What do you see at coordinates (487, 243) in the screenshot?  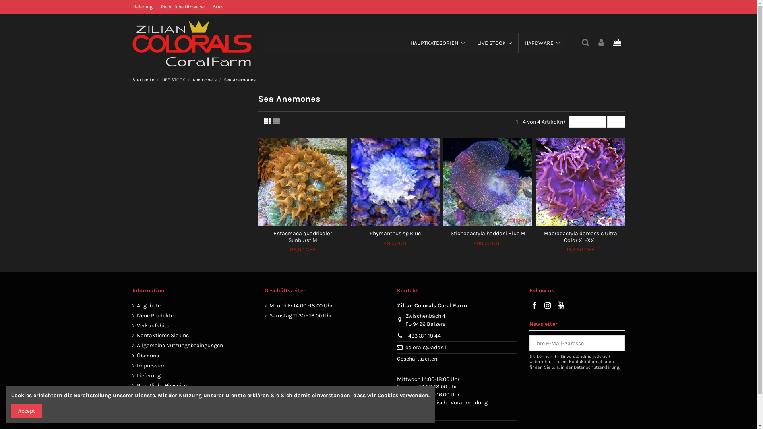 I see `'299,90 CHF'` at bounding box center [487, 243].